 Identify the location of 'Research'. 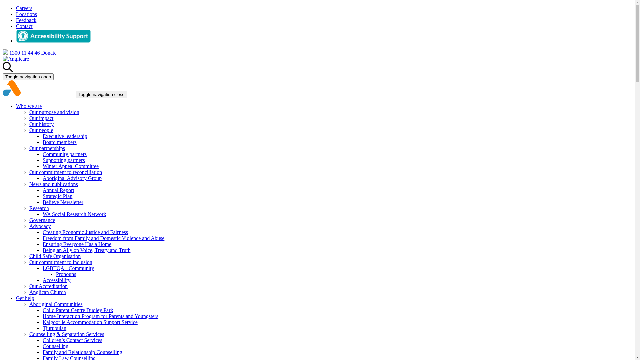
(29, 208).